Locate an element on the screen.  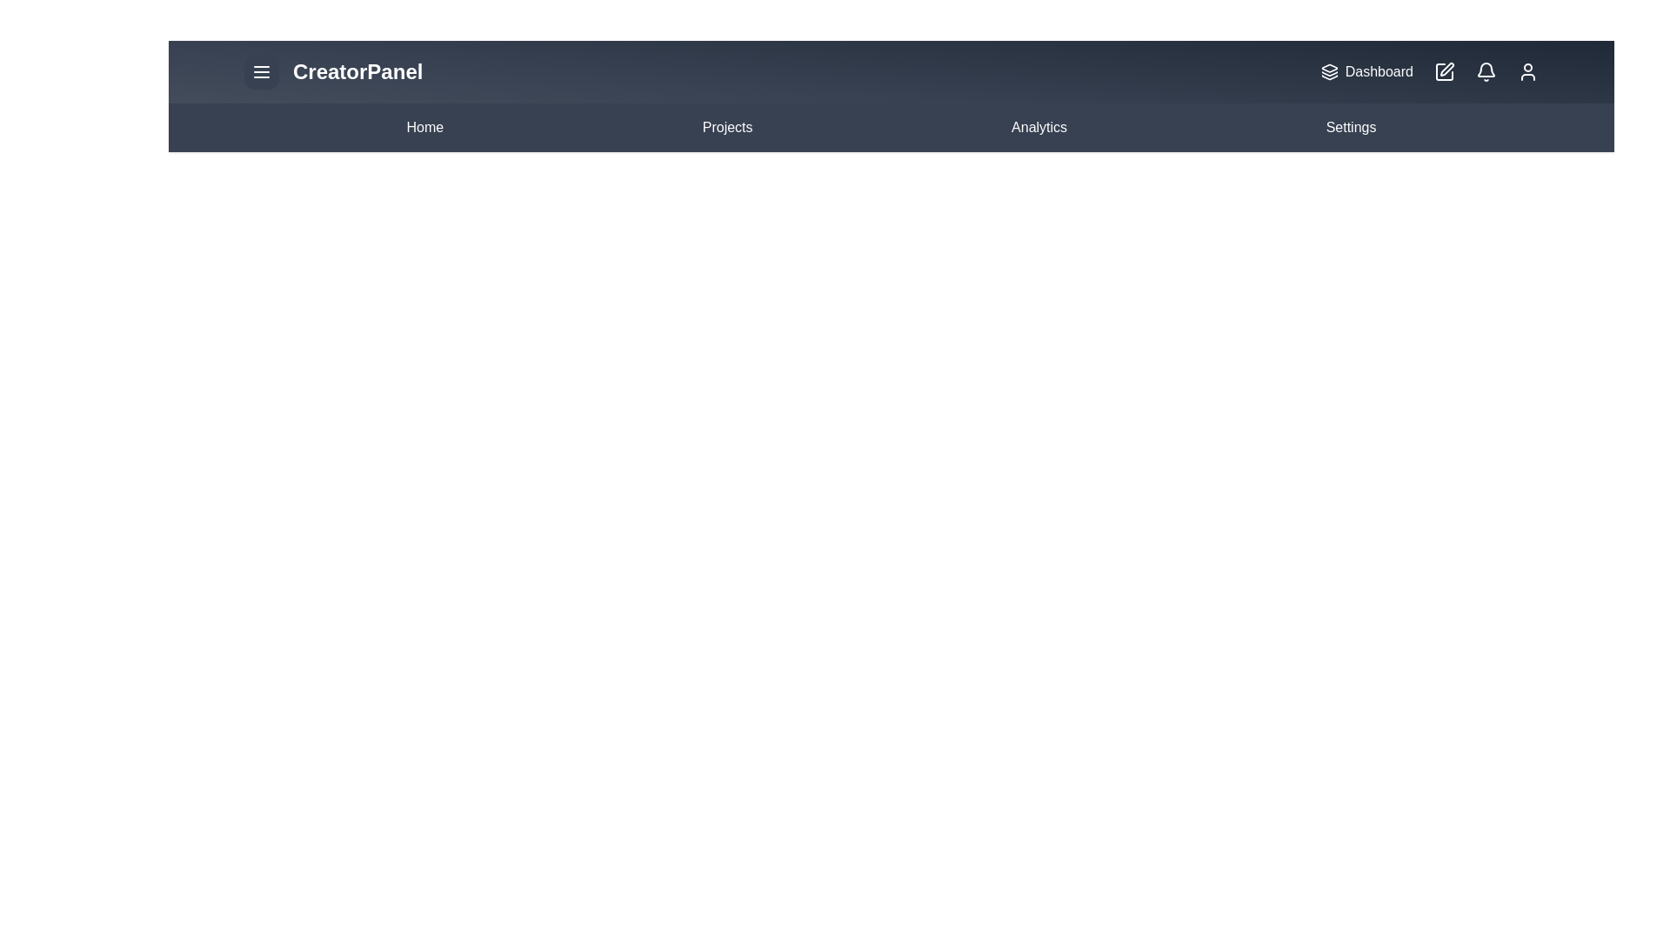
the 'Analytics' menu item to navigate to the Analytics page is located at coordinates (1039, 126).